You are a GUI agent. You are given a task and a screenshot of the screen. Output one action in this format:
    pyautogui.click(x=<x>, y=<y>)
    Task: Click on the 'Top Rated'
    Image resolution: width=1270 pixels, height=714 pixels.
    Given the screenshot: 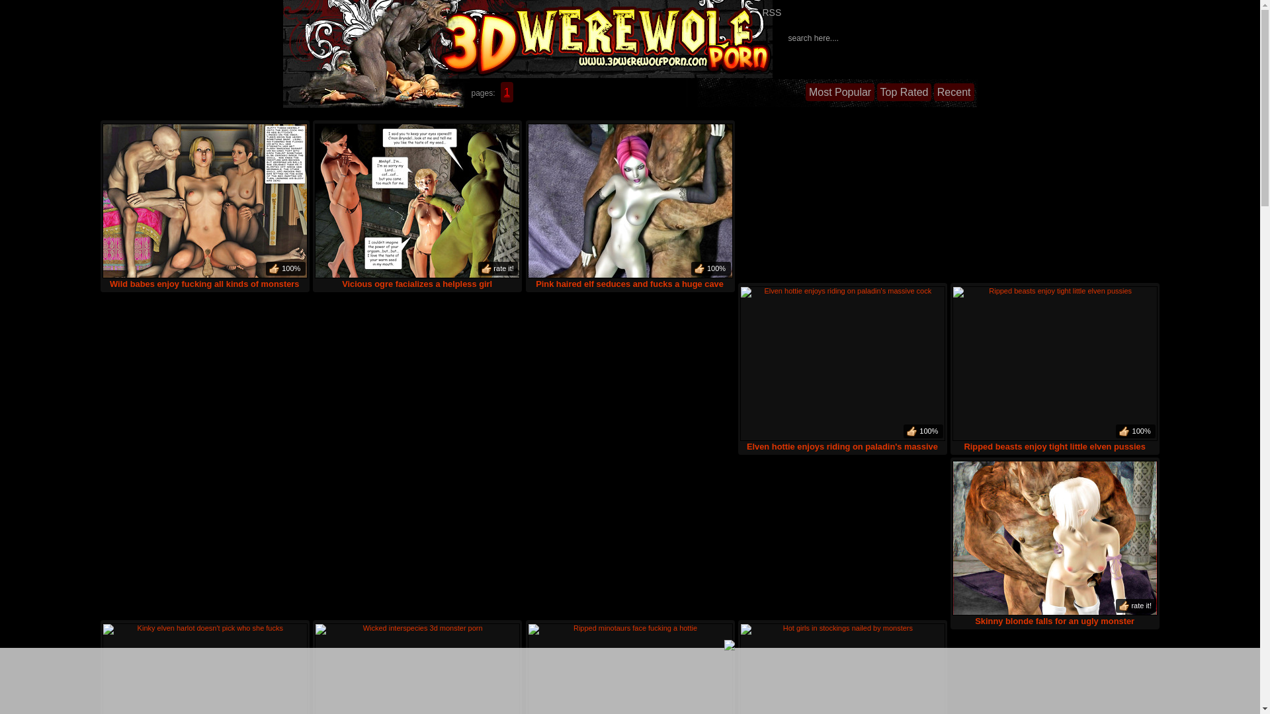 What is the action you would take?
    pyautogui.click(x=876, y=91)
    